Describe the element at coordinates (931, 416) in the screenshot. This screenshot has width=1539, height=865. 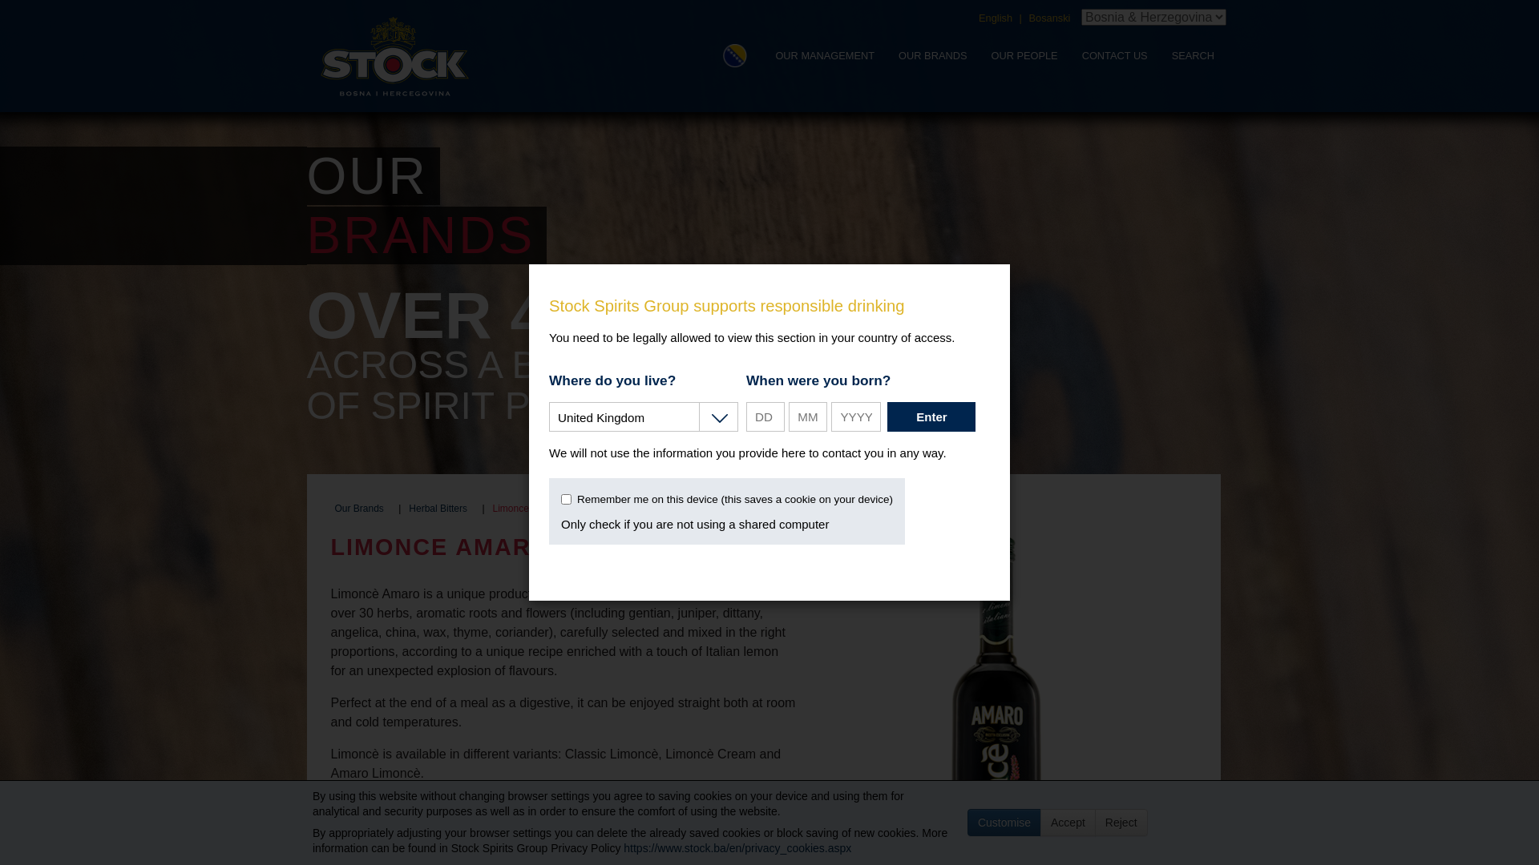
I see `'Enter'` at that location.